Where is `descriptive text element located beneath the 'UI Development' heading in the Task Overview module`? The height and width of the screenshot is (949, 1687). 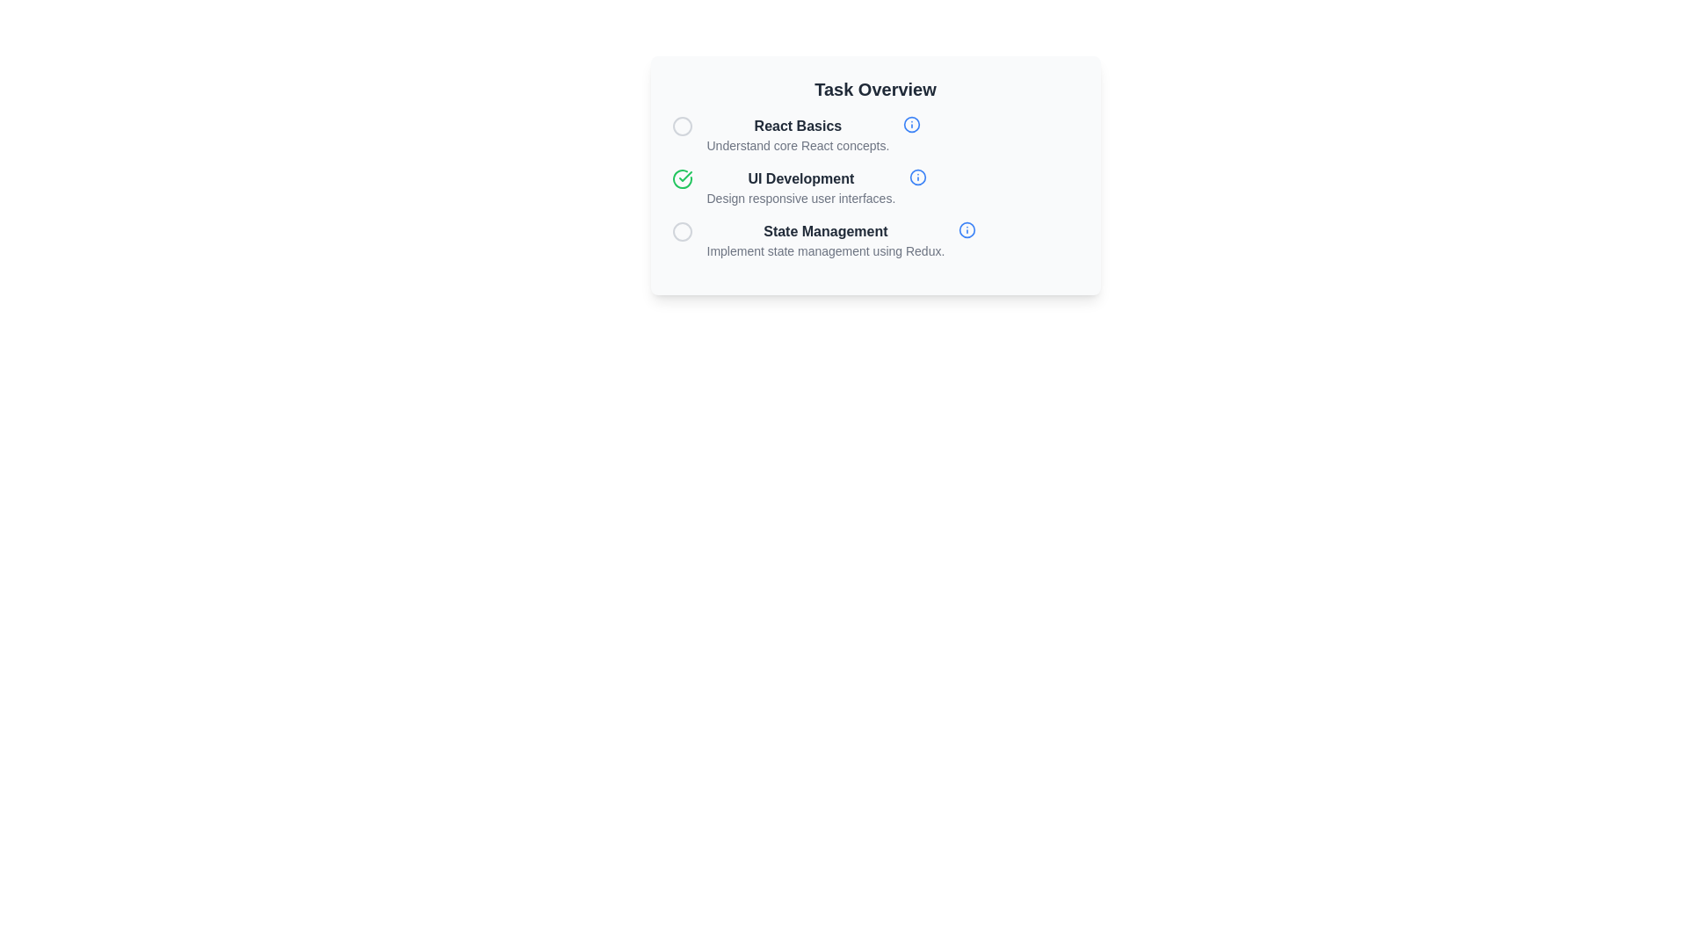 descriptive text element located beneath the 'UI Development' heading in the Task Overview module is located at coordinates (800, 198).